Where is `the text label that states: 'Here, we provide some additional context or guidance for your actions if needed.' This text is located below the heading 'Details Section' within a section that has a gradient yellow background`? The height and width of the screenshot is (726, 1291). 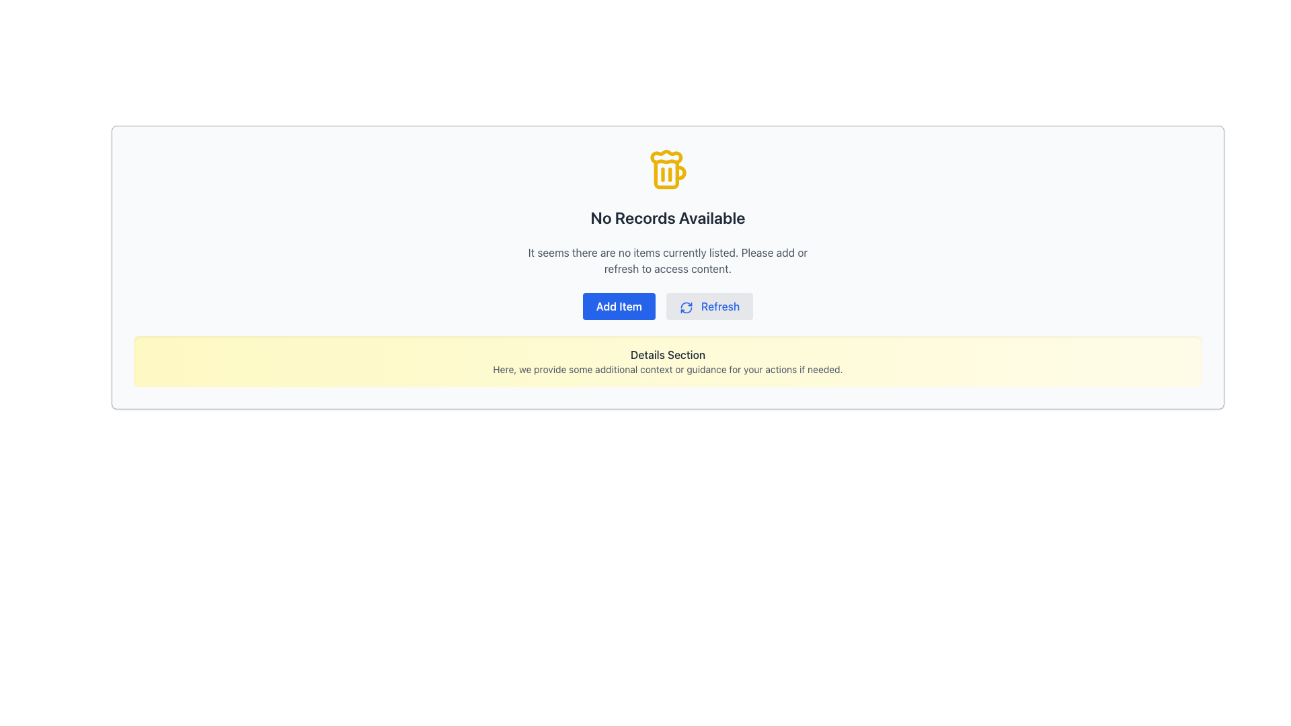 the text label that states: 'Here, we provide some additional context or guidance for your actions if needed.' This text is located below the heading 'Details Section' within a section that has a gradient yellow background is located at coordinates (668, 370).